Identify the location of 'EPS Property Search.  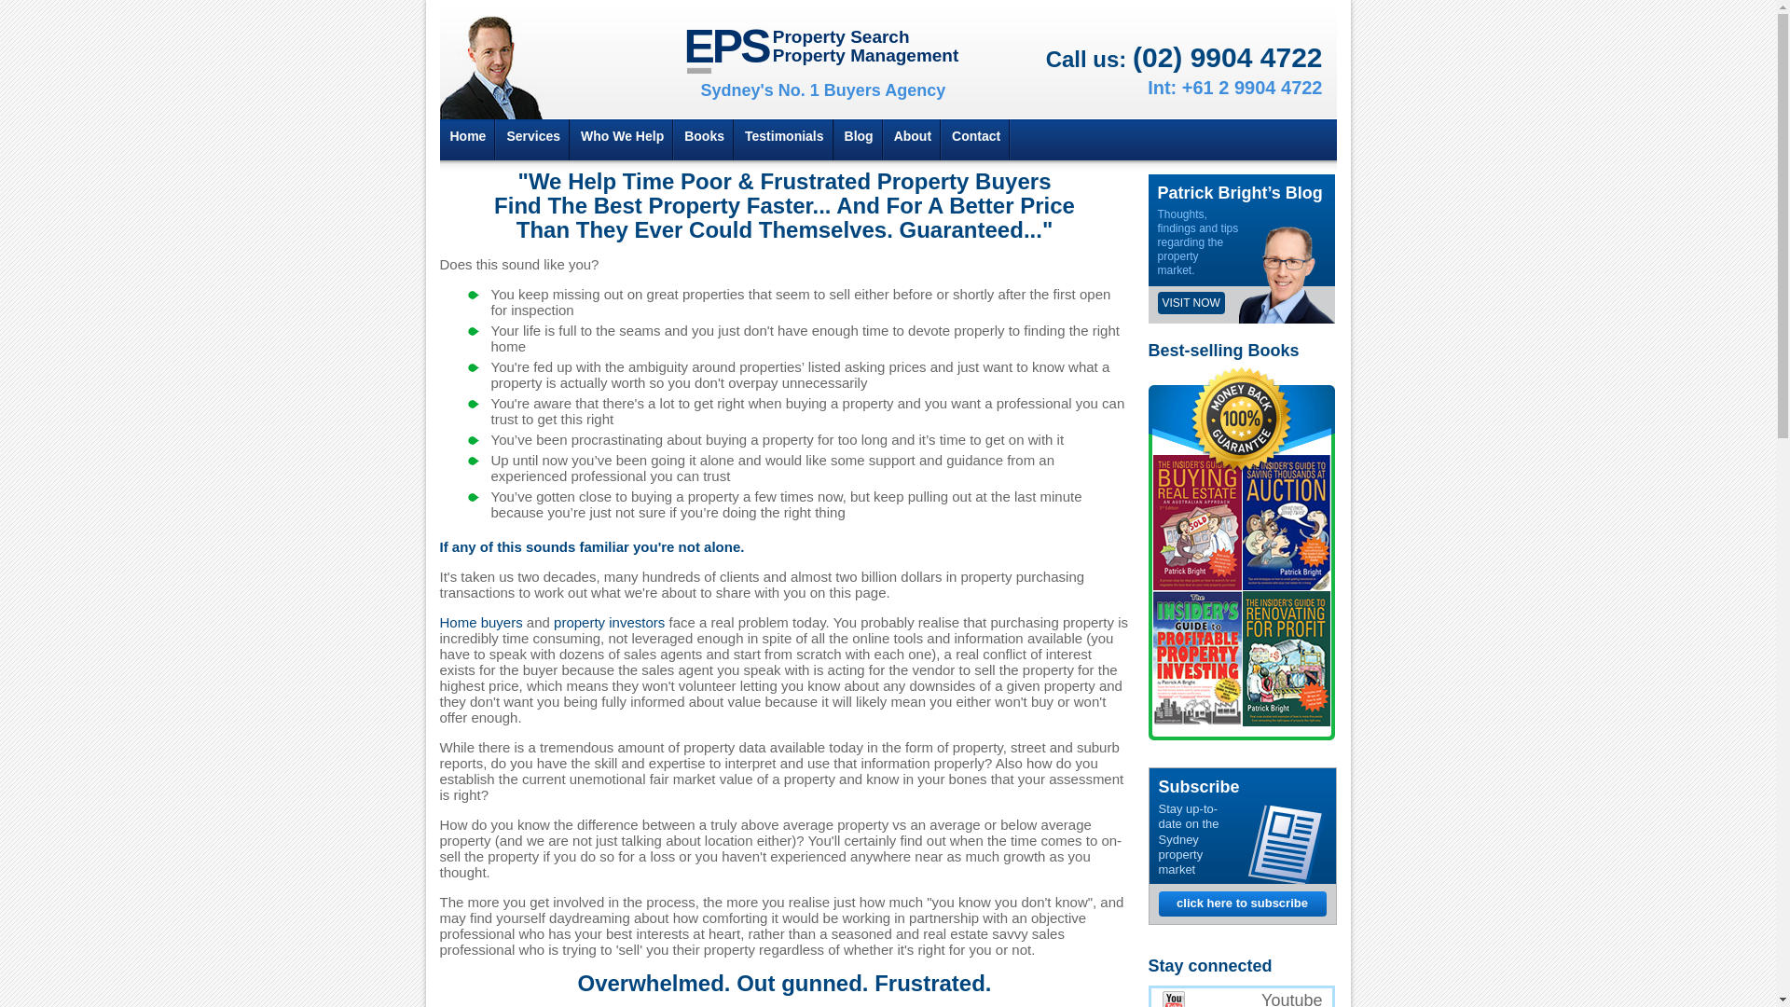
(820, 47).